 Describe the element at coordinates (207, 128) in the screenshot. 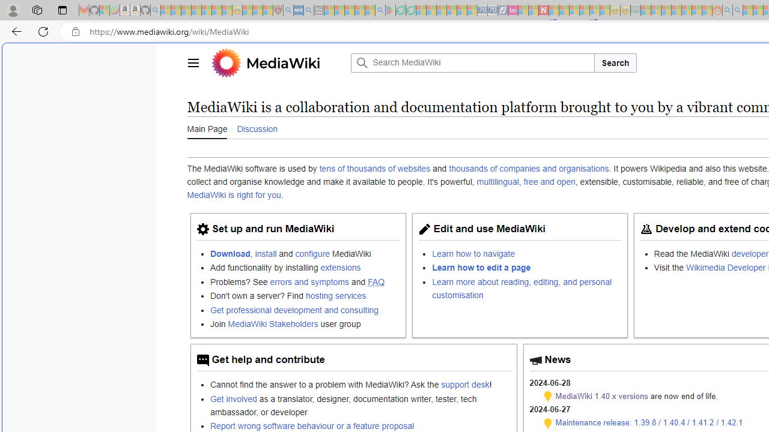

I see `'Main Page'` at that location.